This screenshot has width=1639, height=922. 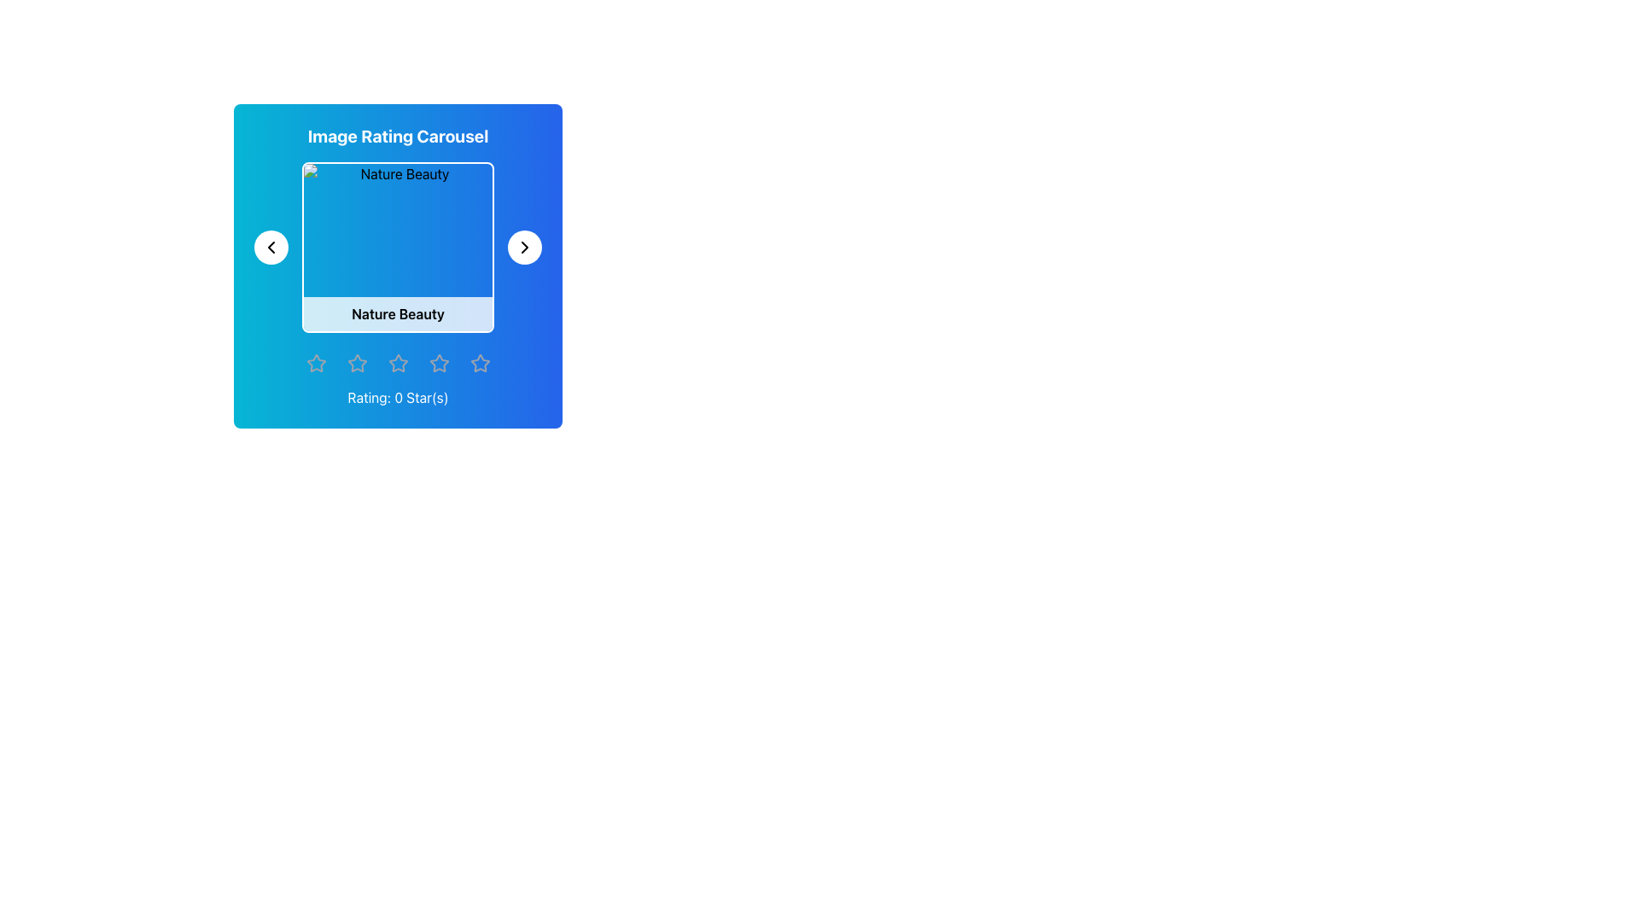 I want to click on the 'Nature Beauty' image in the central card of the image carousel, which is a non-interactive visual representation, so click(x=397, y=247).